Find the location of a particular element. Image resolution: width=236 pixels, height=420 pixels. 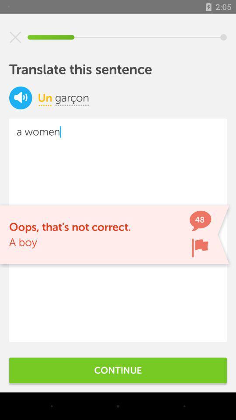

the item to the right of   item is located at coordinates (72, 98).